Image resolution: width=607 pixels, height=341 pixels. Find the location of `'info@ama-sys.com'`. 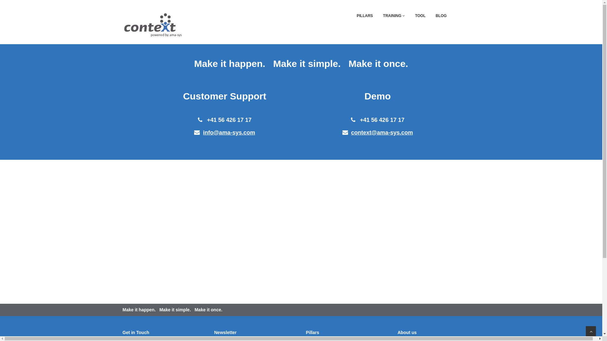

'info@ama-sys.com' is located at coordinates (229, 132).